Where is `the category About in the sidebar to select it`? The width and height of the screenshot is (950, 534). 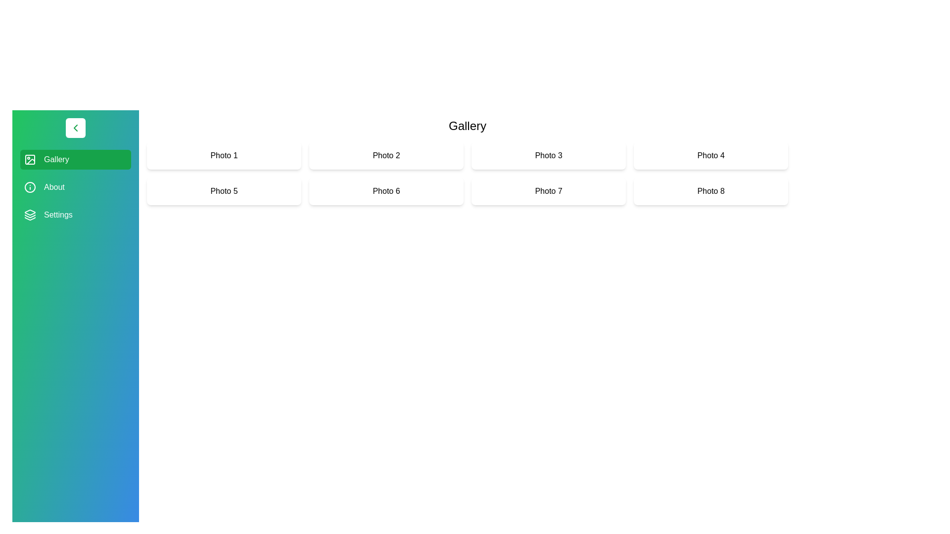 the category About in the sidebar to select it is located at coordinates (75, 187).